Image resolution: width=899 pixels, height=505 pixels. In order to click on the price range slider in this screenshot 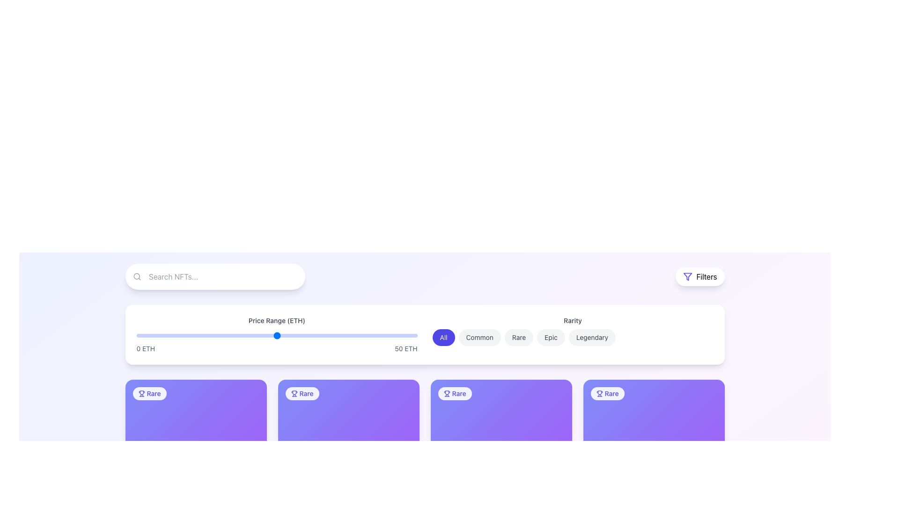, I will do `click(412, 335)`.